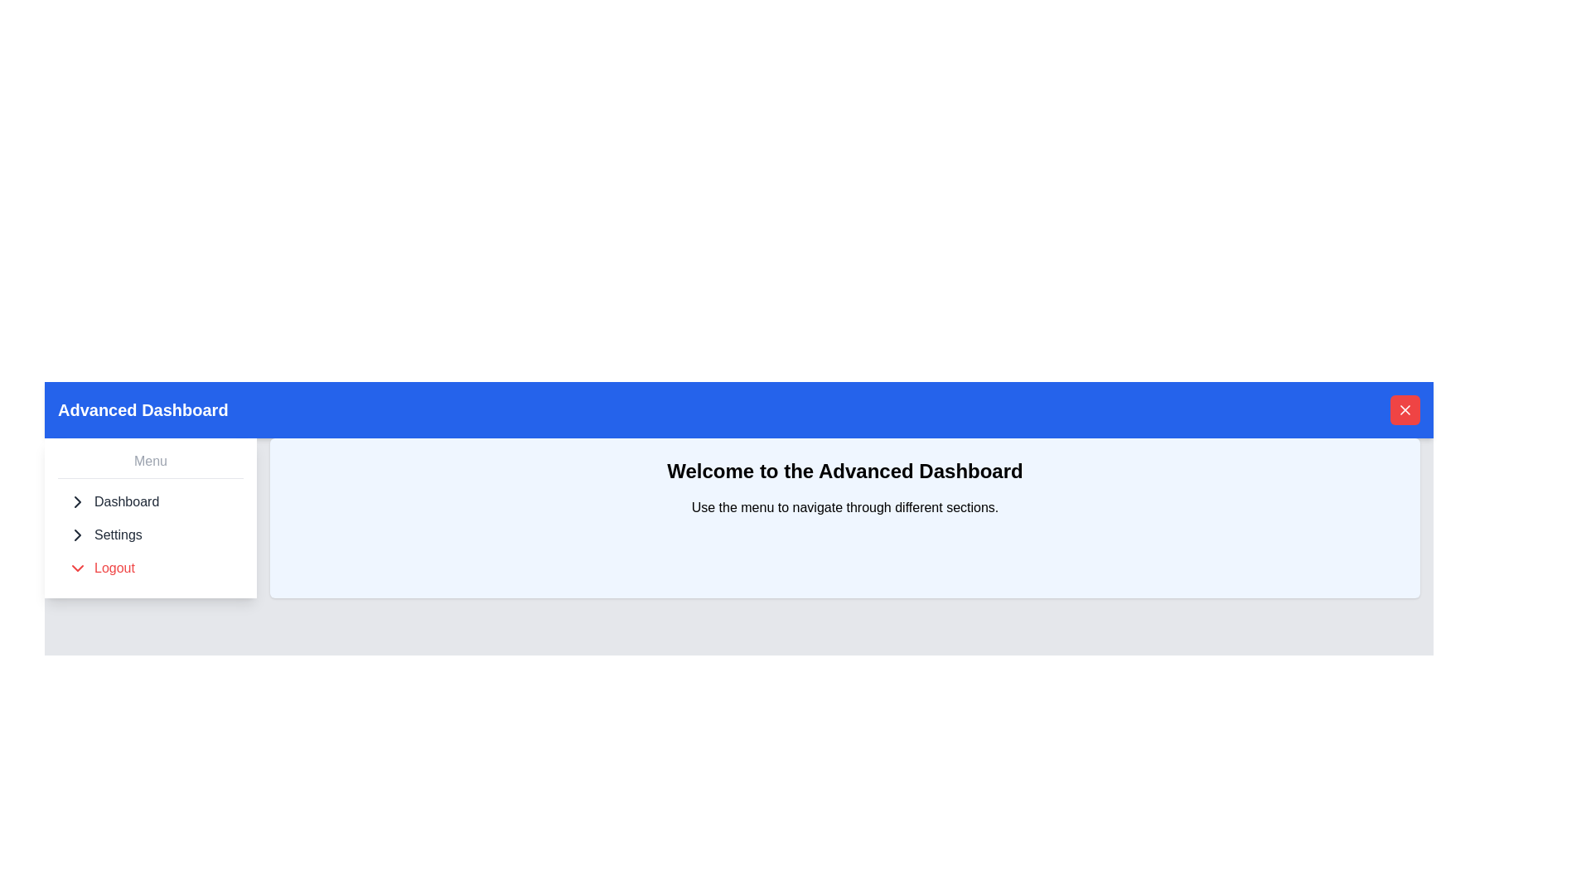 This screenshot has height=895, width=1591. I want to click on the 'Menu' label, which is a gray text label located in the sidebar on the left side of the interface, near the top section, so click(151, 460).